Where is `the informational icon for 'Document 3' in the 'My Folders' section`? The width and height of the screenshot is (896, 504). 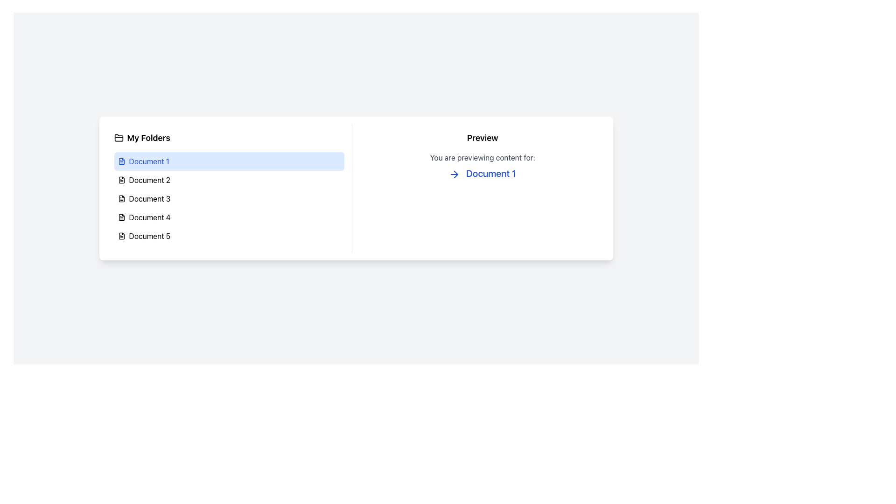
the informational icon for 'Document 3' in the 'My Folders' section is located at coordinates (121, 198).